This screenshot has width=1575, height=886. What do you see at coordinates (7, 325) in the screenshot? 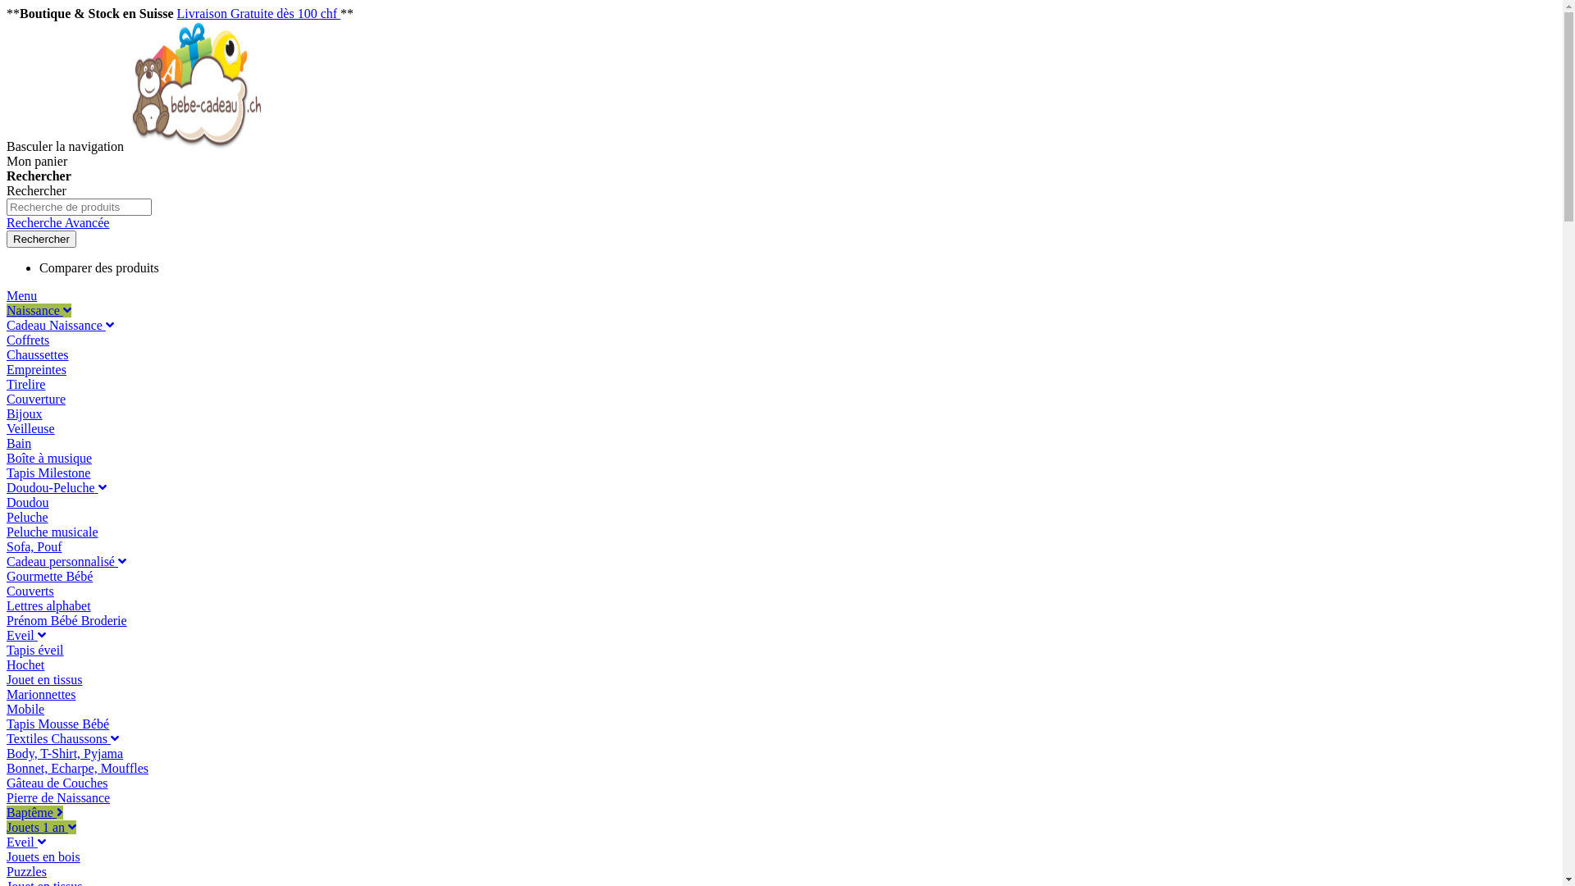
I see `'Cadeau Naissance'` at bounding box center [7, 325].